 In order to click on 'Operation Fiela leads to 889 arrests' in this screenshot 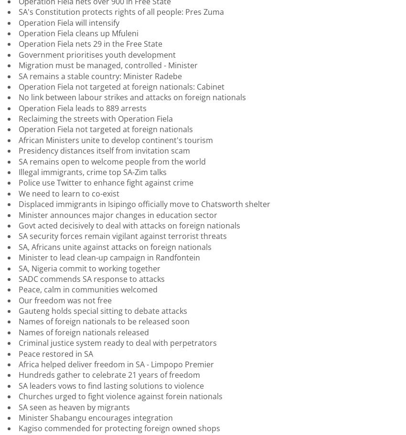, I will do `click(82, 107)`.